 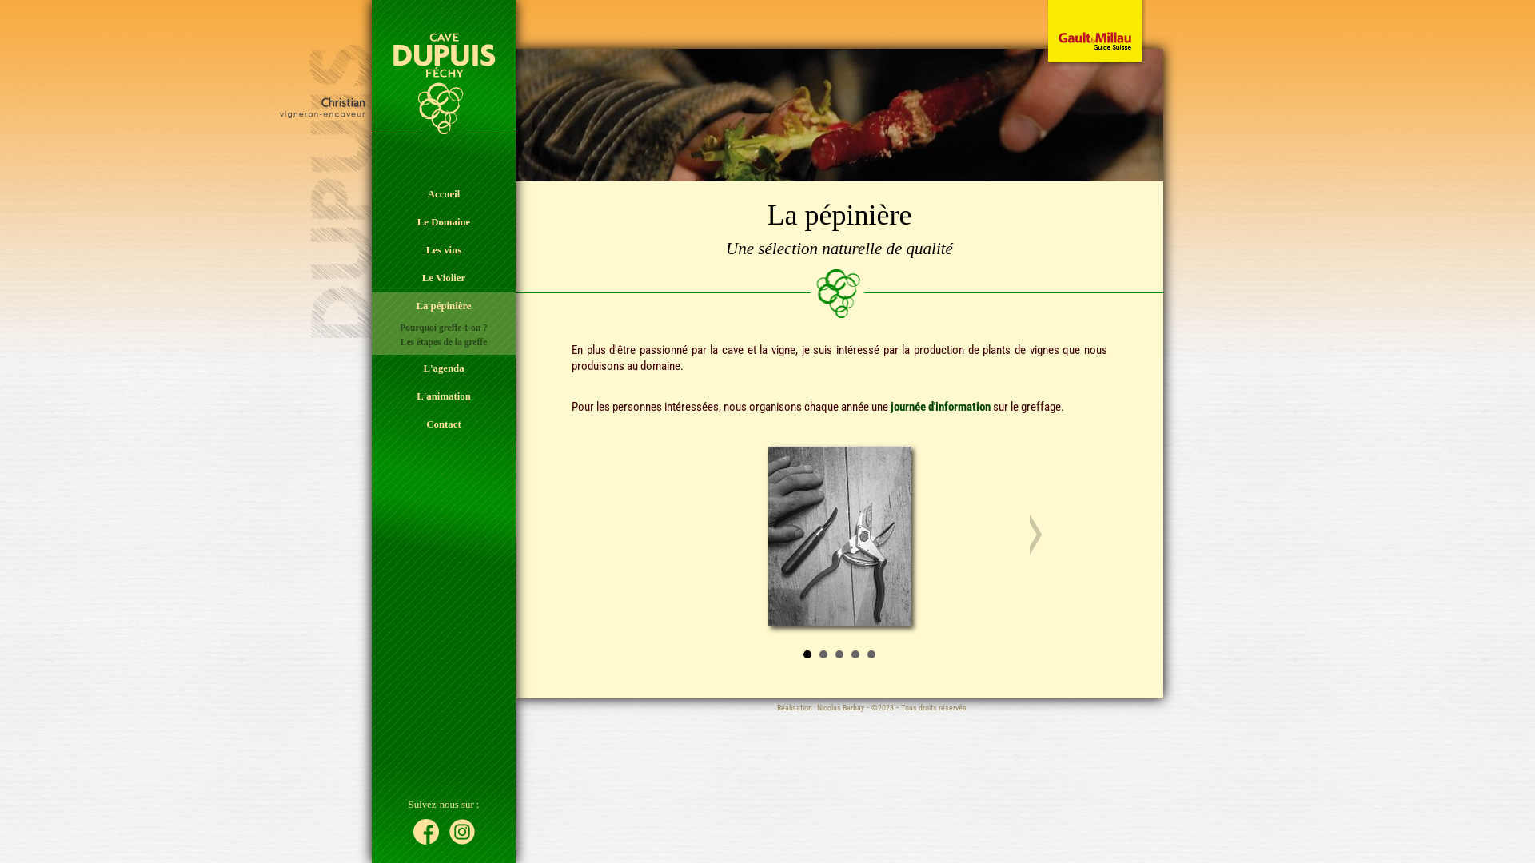 What do you see at coordinates (444, 326) in the screenshot?
I see `'Pourquoi greffe-t-on ?'` at bounding box center [444, 326].